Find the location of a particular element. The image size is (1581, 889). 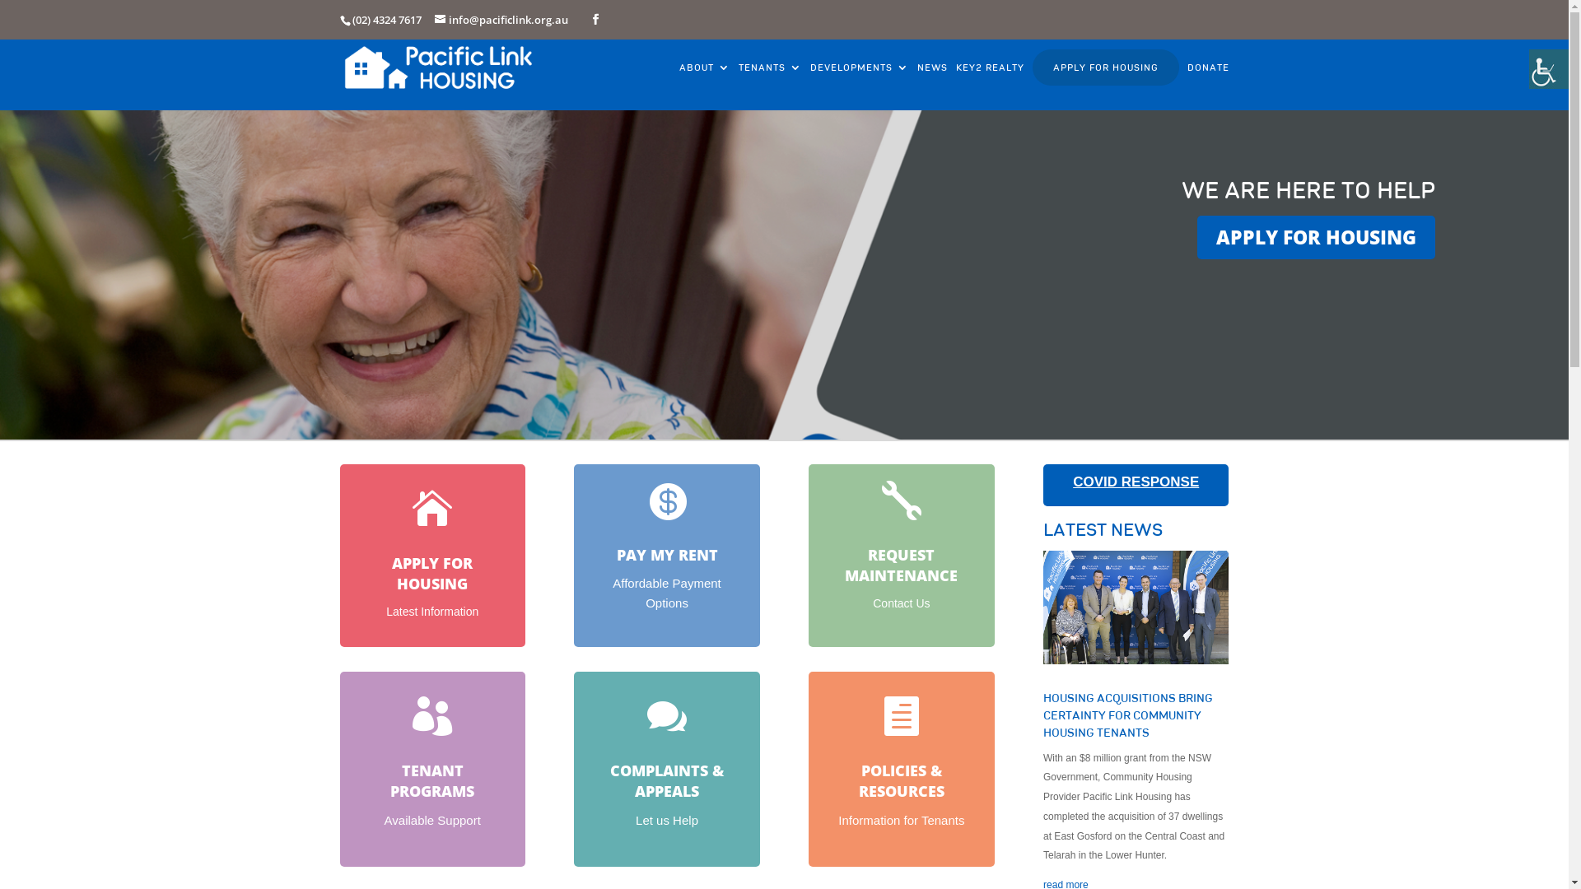

'COVID RESPONSE' is located at coordinates (1135, 482).